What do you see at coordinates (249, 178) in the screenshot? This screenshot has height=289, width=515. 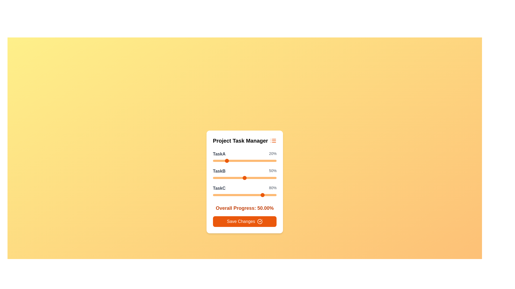 I see `the TaskB slider to 57%` at bounding box center [249, 178].